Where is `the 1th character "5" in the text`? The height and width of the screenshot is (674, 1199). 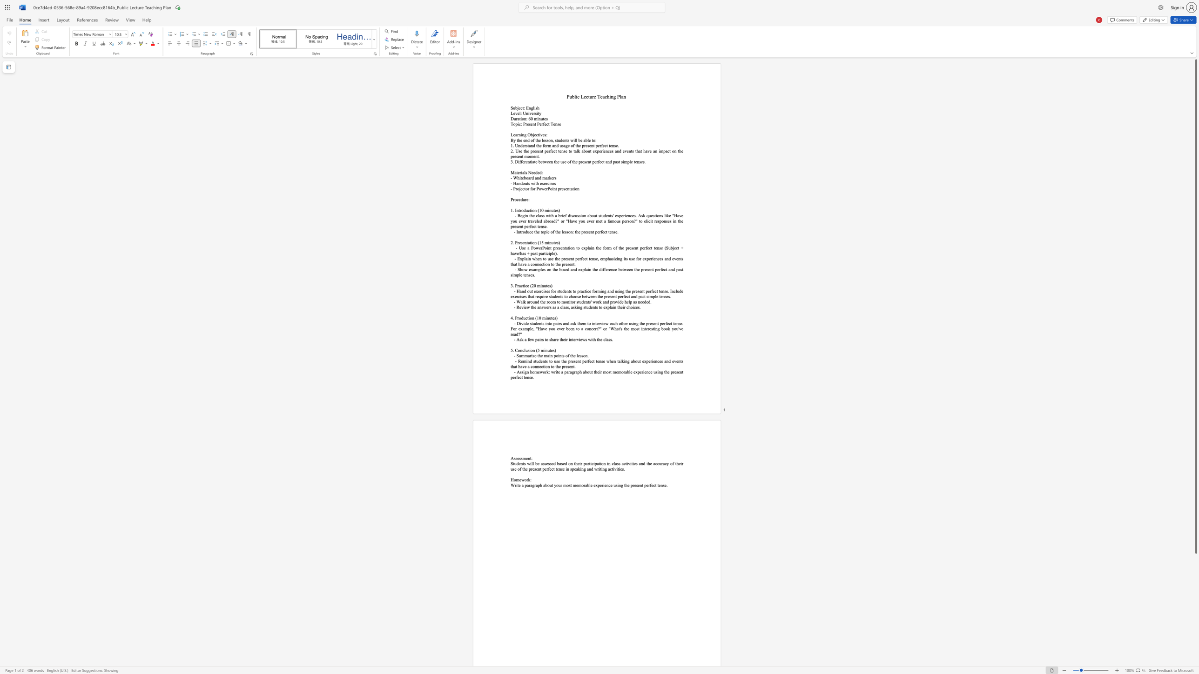 the 1th character "5" in the text is located at coordinates (512, 350).